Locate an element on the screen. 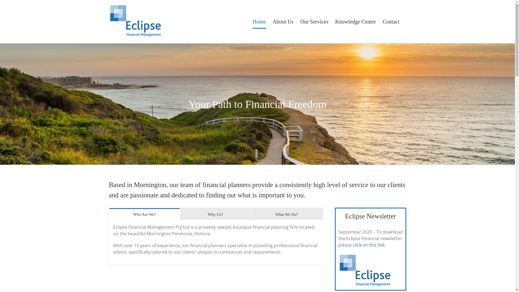 The height and width of the screenshot is (292, 519). 'Knowledge Centre' is located at coordinates (335, 21).